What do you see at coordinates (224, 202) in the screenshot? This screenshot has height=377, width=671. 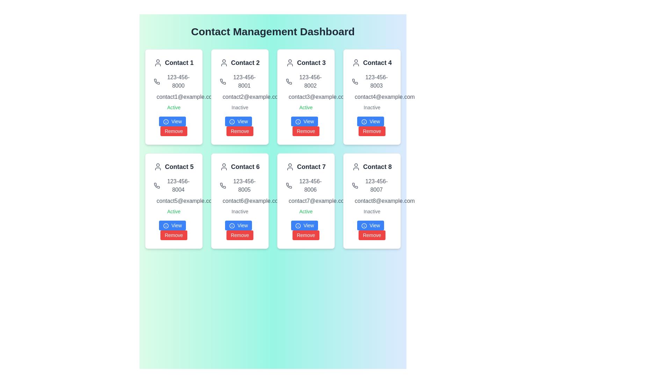 I see `the mail or message envelope icon located in the 'Contact 6' card, positioned in the second row, second column of the contact grid` at bounding box center [224, 202].